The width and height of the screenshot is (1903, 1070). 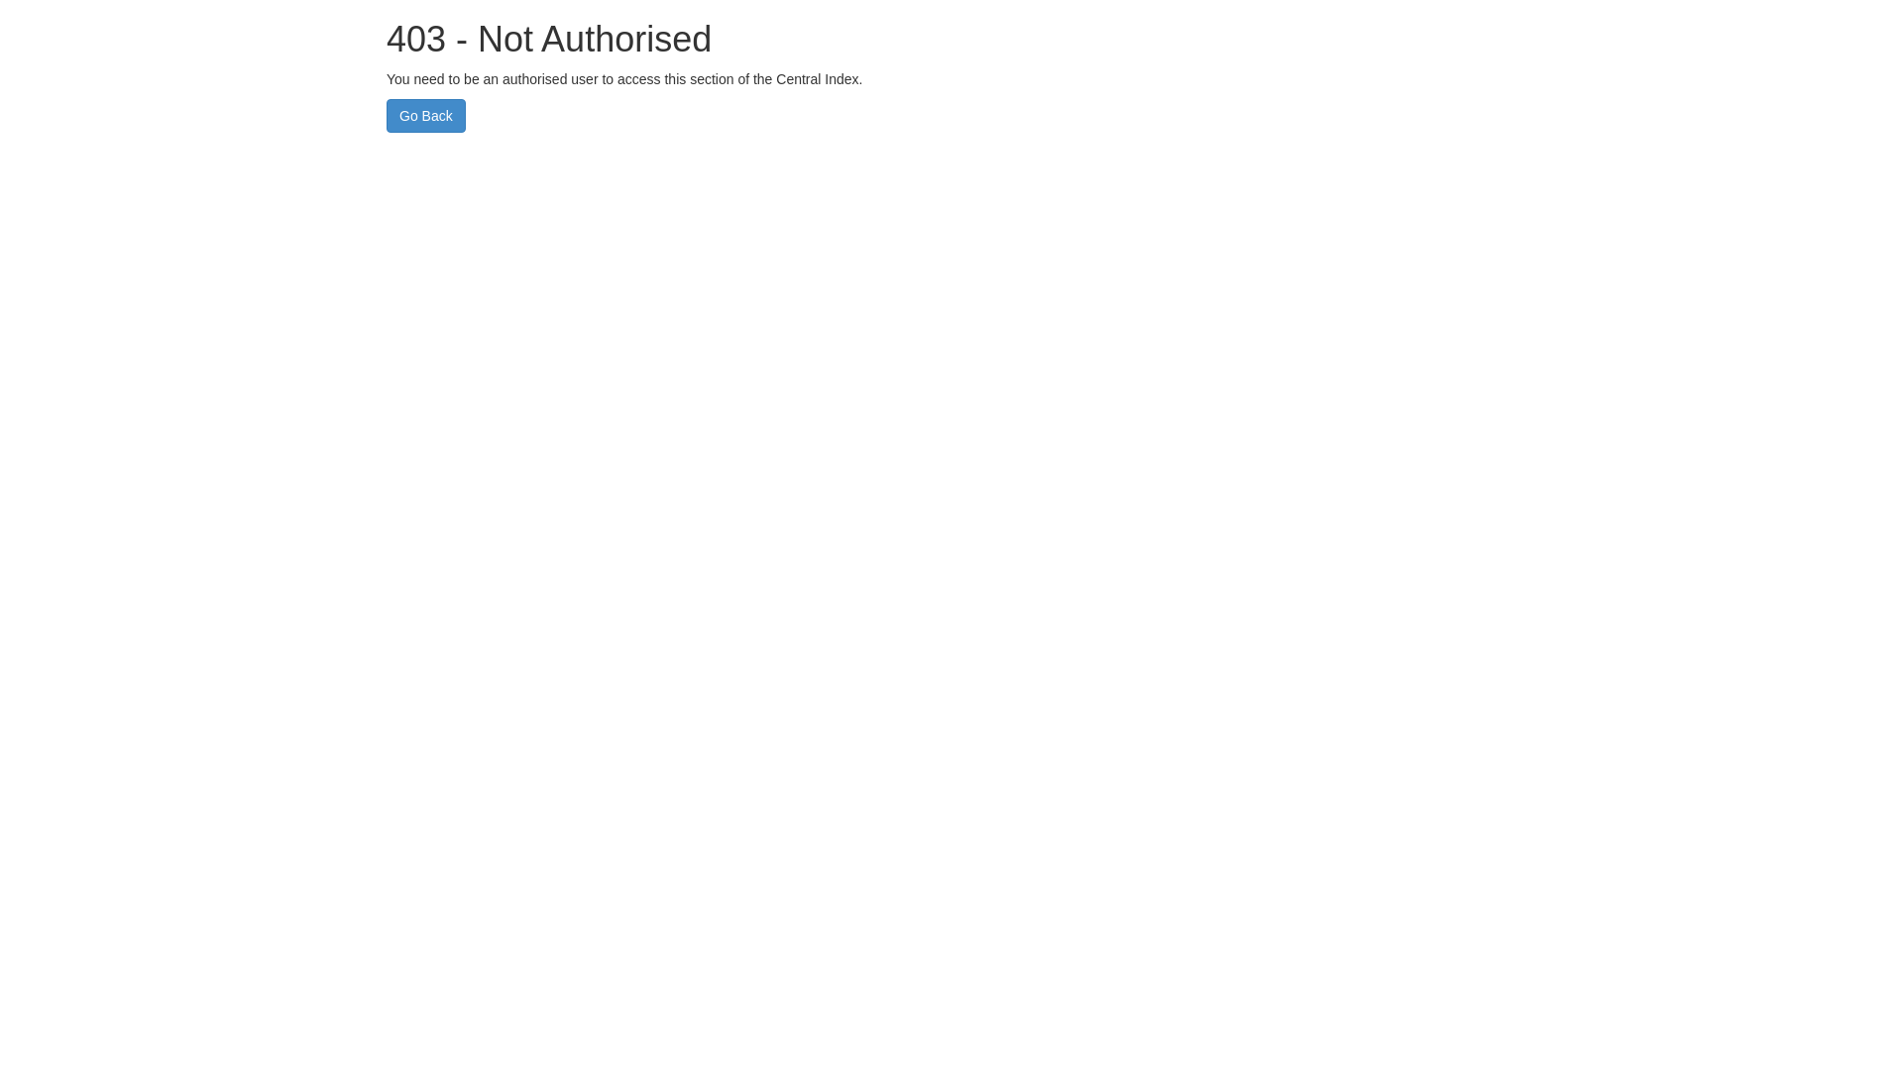 I want to click on 'Go Back', so click(x=386, y=115).